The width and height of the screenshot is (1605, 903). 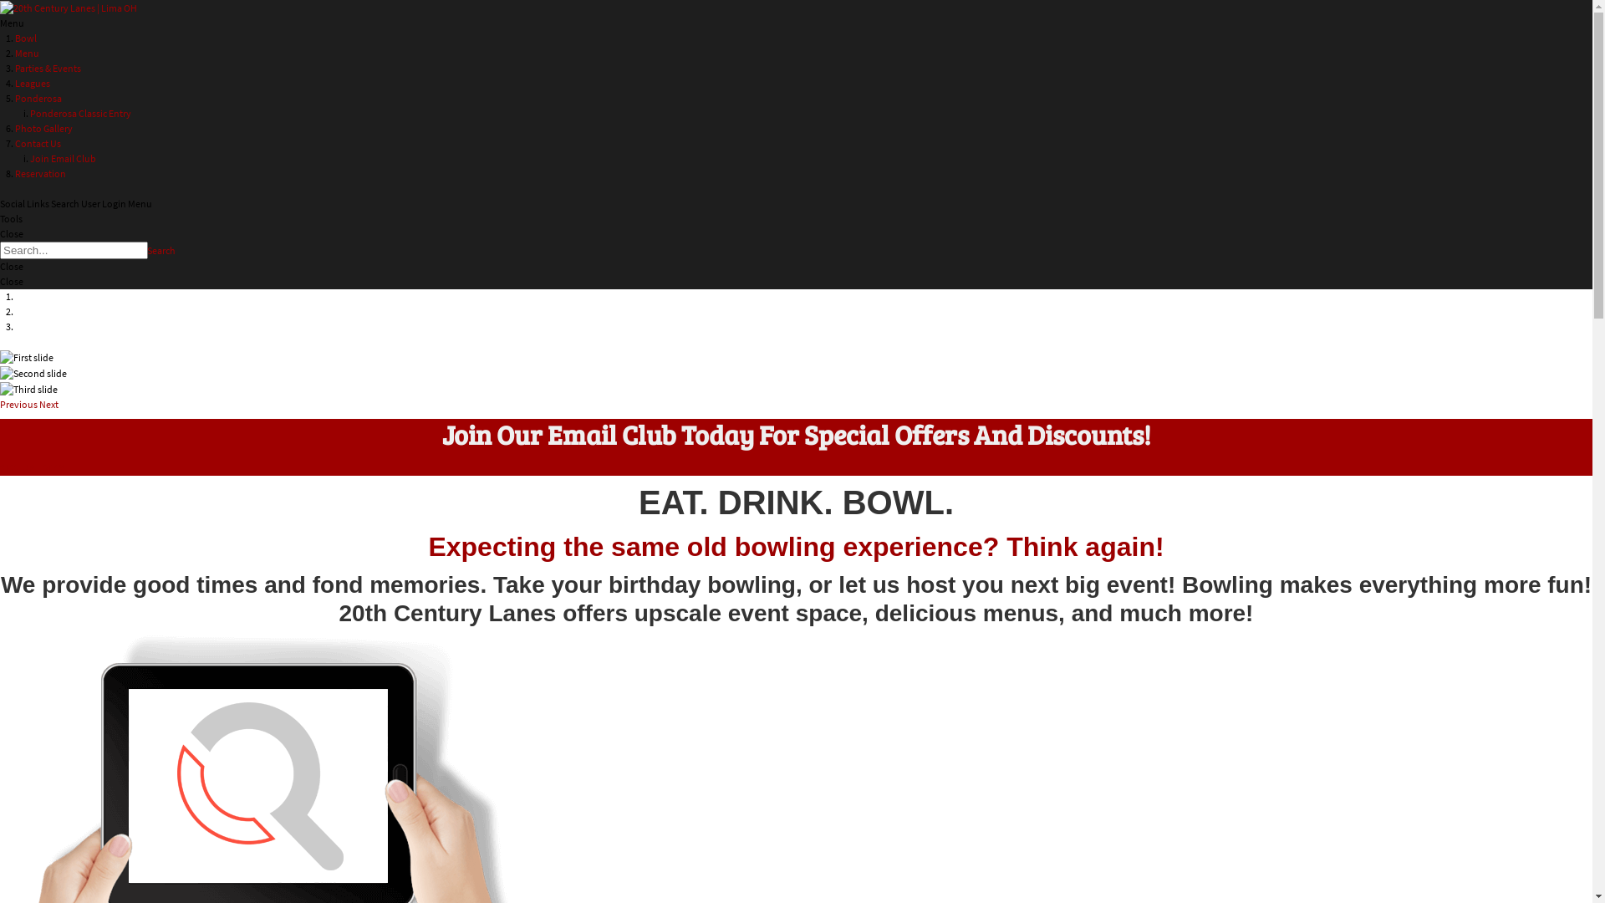 What do you see at coordinates (32, 83) in the screenshot?
I see `'Leagues'` at bounding box center [32, 83].